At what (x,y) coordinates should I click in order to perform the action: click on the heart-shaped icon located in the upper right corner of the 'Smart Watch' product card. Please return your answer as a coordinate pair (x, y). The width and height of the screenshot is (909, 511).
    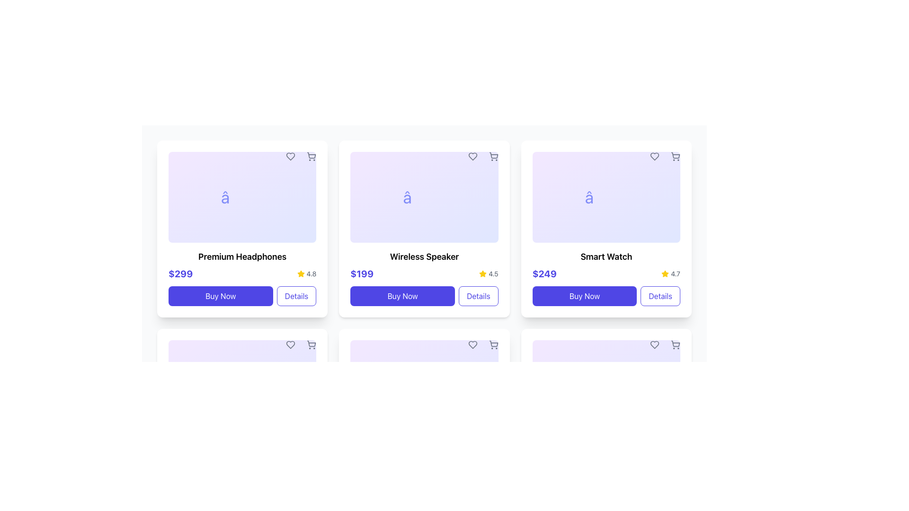
    Looking at the image, I should click on (654, 345).